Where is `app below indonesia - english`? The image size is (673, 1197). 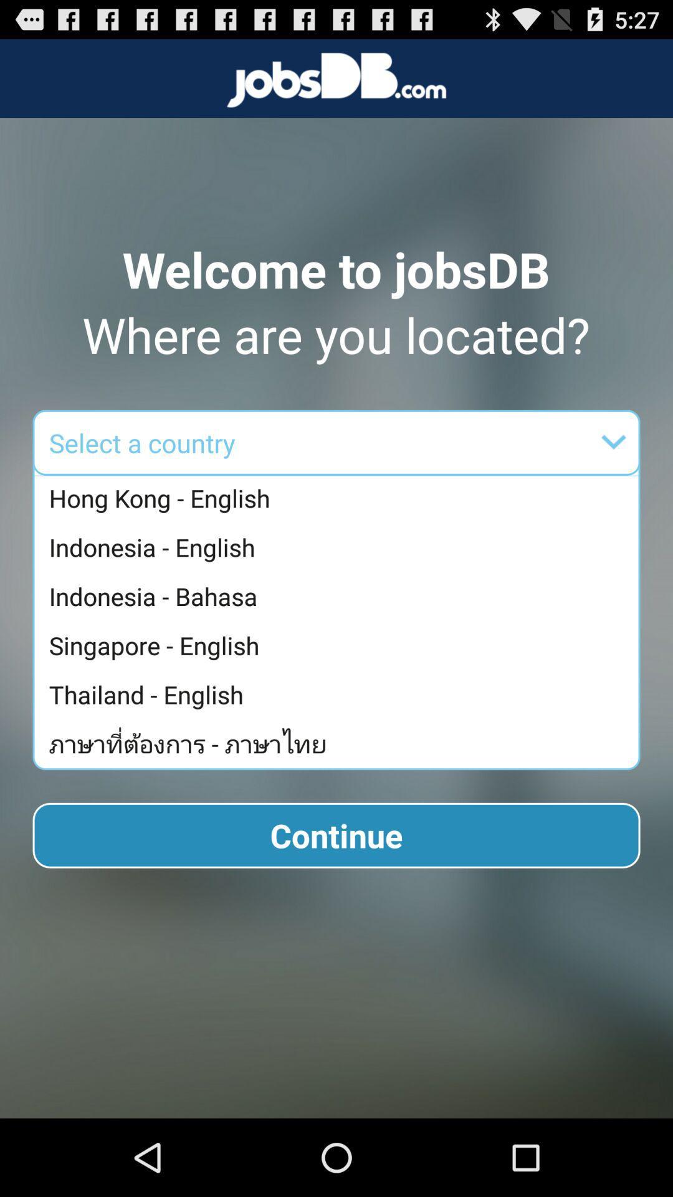
app below indonesia - english is located at coordinates (340, 595).